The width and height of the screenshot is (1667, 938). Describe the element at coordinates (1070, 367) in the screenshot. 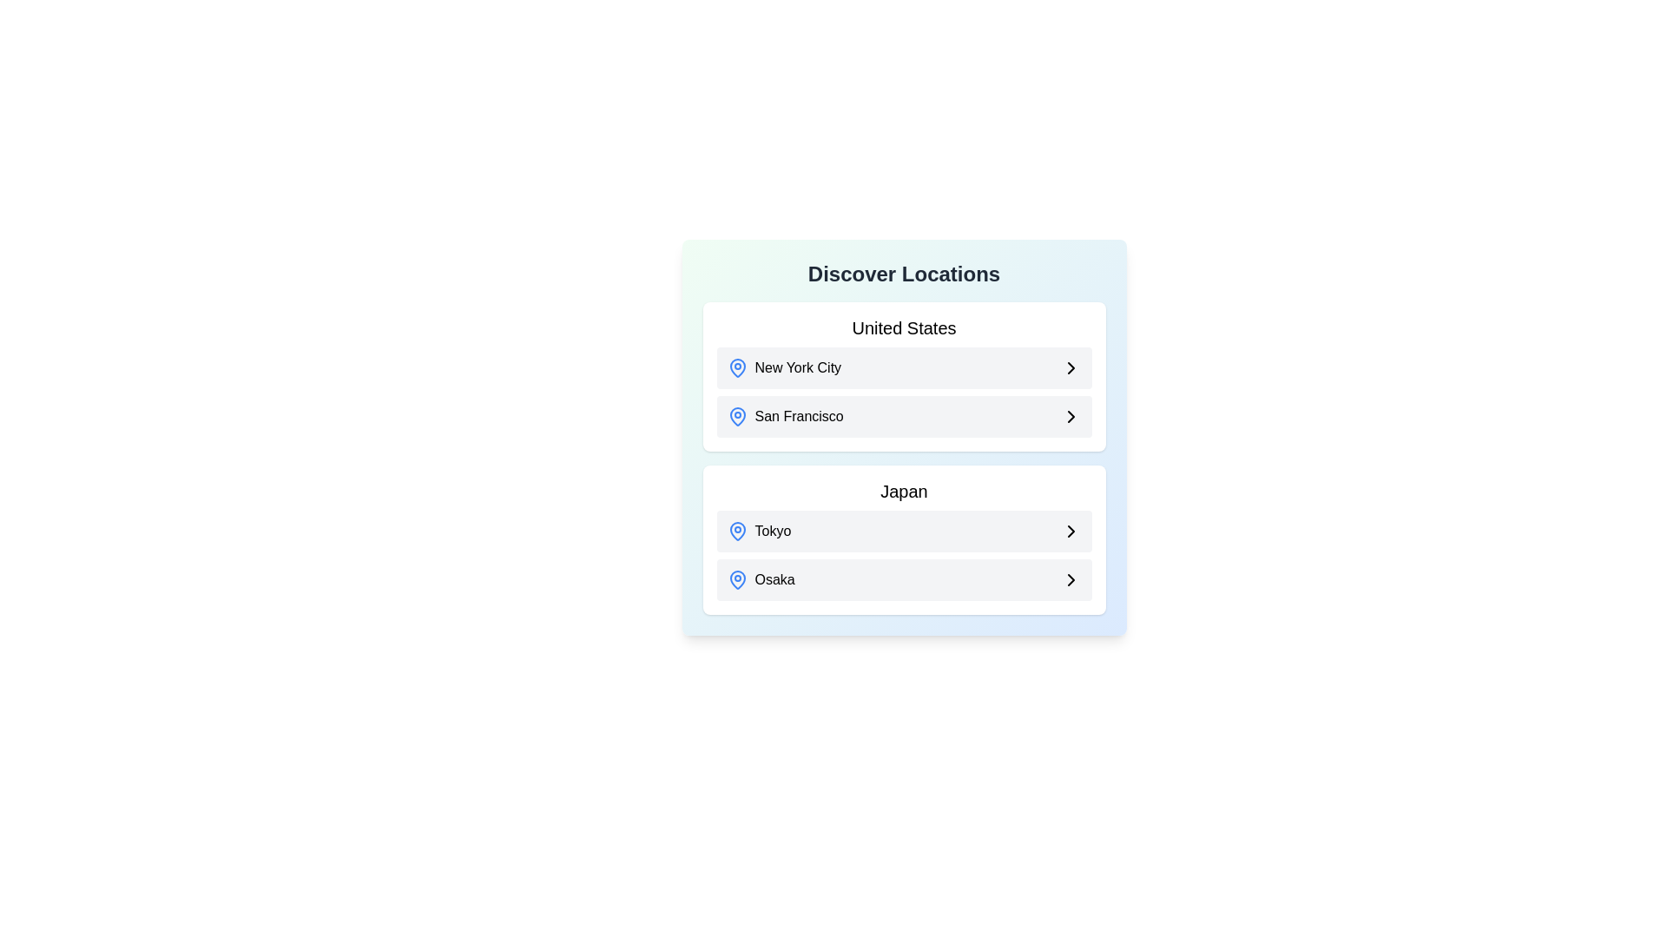

I see `the right-facing chevron icon in the 'New York City' row of the 'United States' section` at that location.